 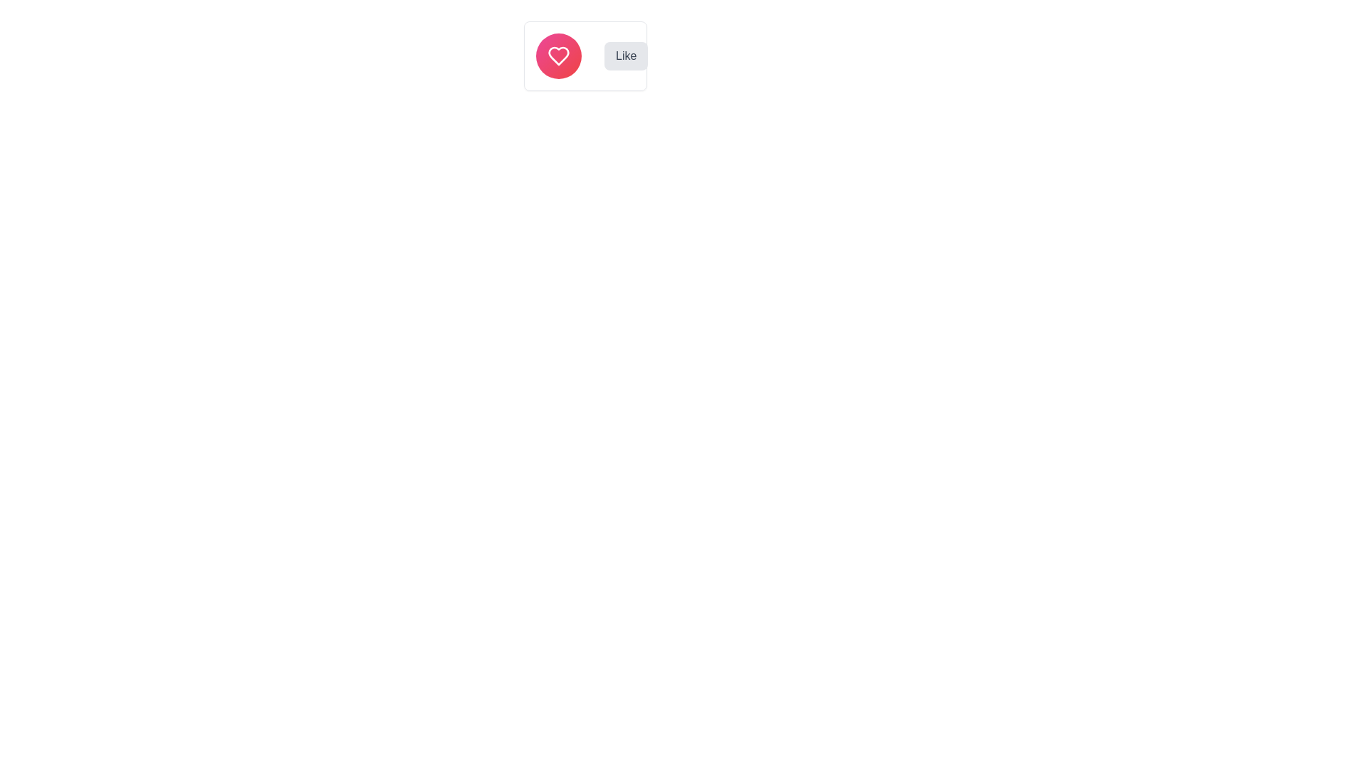 What do you see at coordinates (626, 55) in the screenshot?
I see `the button located to the right of the heart icon and the text 'Like Your Favorites'` at bounding box center [626, 55].